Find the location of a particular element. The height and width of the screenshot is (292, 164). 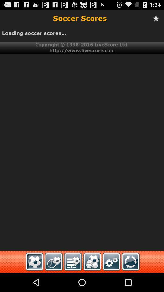

the refresh icon is located at coordinates (130, 280).